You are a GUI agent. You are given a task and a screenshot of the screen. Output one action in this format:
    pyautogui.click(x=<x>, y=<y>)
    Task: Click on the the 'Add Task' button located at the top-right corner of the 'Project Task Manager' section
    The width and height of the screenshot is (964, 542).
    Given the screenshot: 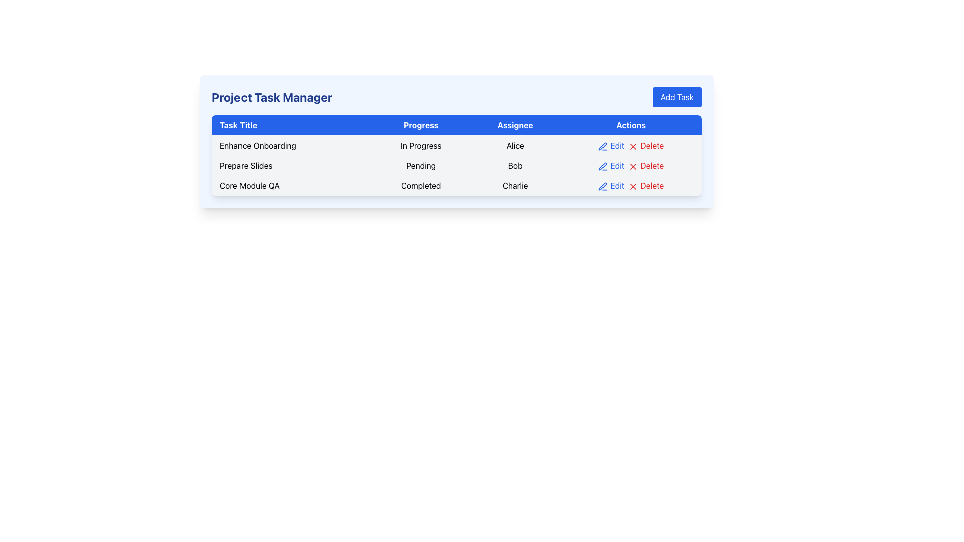 What is the action you would take?
    pyautogui.click(x=677, y=97)
    